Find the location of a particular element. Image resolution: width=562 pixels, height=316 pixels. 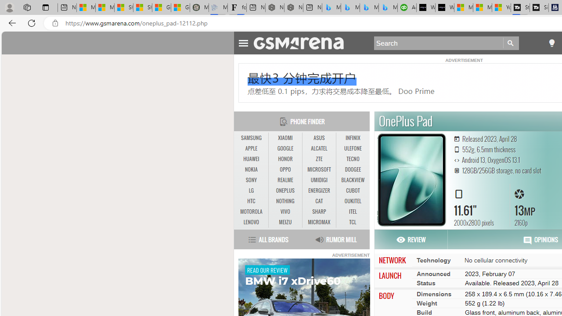

'TCL' is located at coordinates (353, 222).